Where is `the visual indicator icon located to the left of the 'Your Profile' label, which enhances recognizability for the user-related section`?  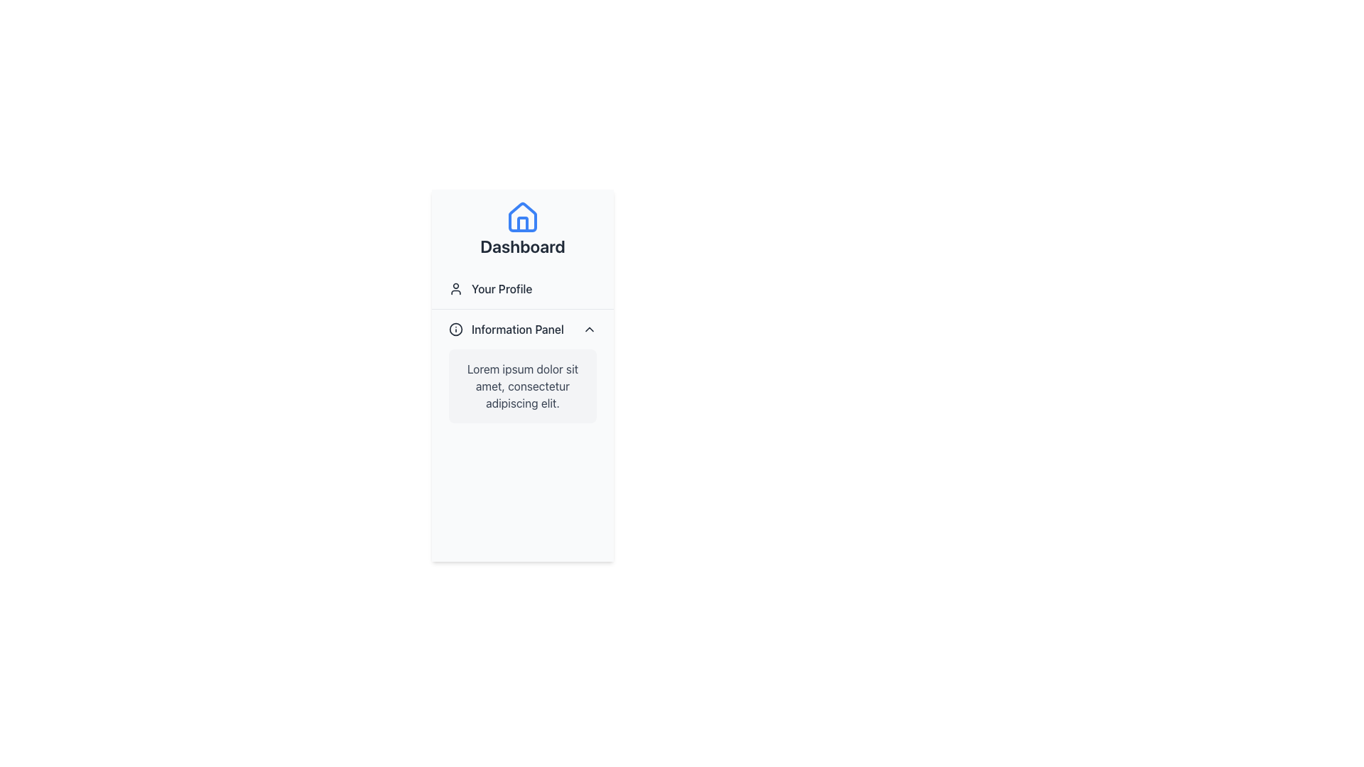
the visual indicator icon located to the left of the 'Your Profile' label, which enhances recognizability for the user-related section is located at coordinates (456, 288).